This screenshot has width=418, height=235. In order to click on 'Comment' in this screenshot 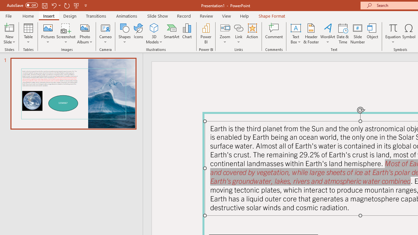, I will do `click(274, 34)`.